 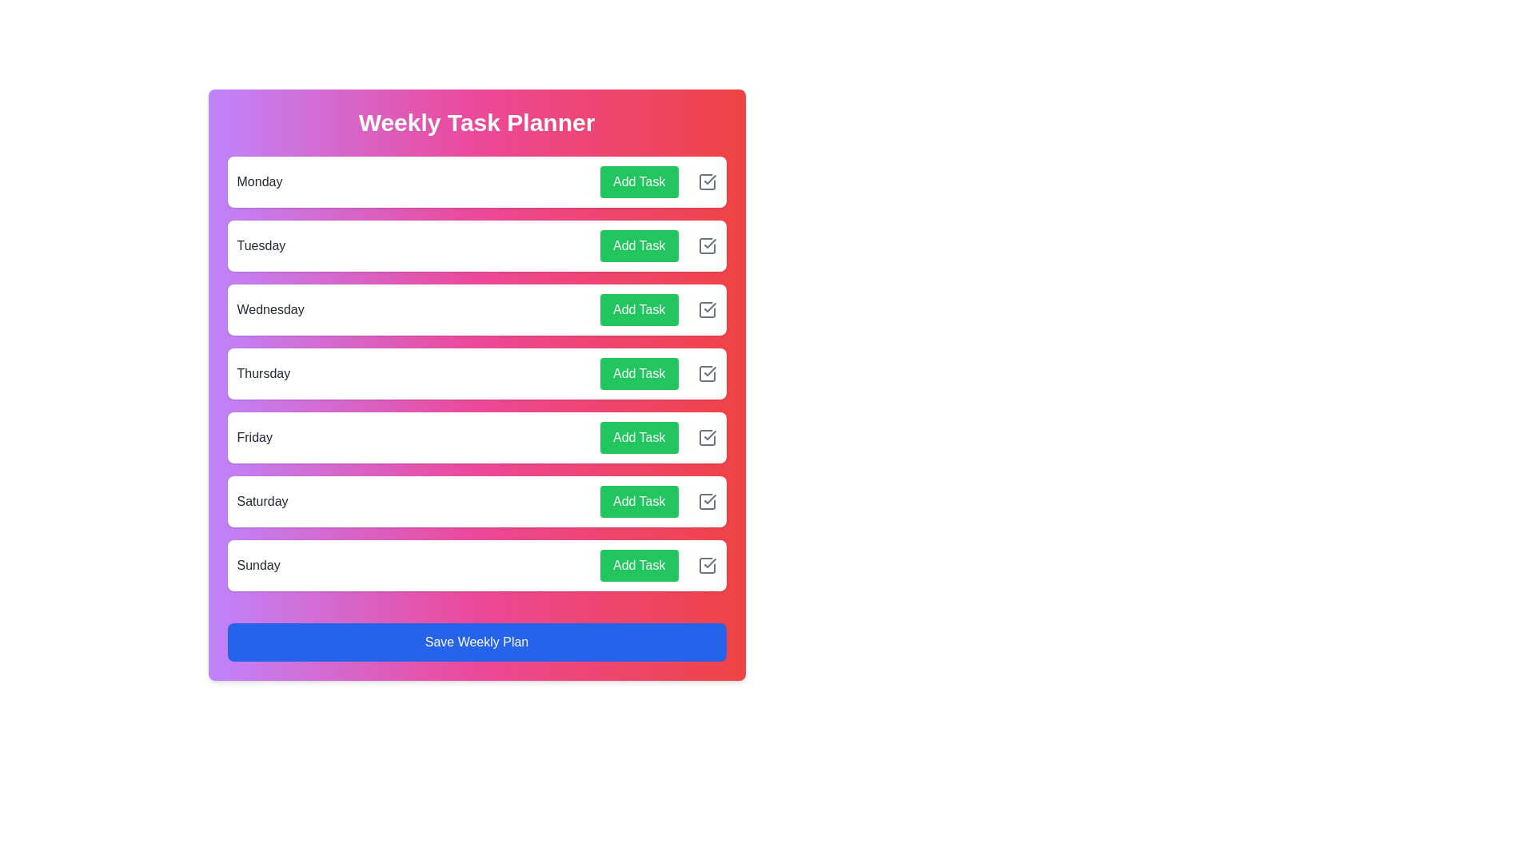 I want to click on the 'Add Task' button for Friday, so click(x=638, y=437).